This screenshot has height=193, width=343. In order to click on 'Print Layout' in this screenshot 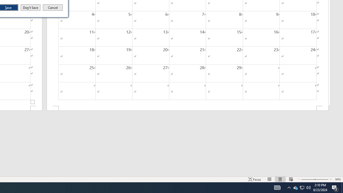, I will do `click(280, 179)`.